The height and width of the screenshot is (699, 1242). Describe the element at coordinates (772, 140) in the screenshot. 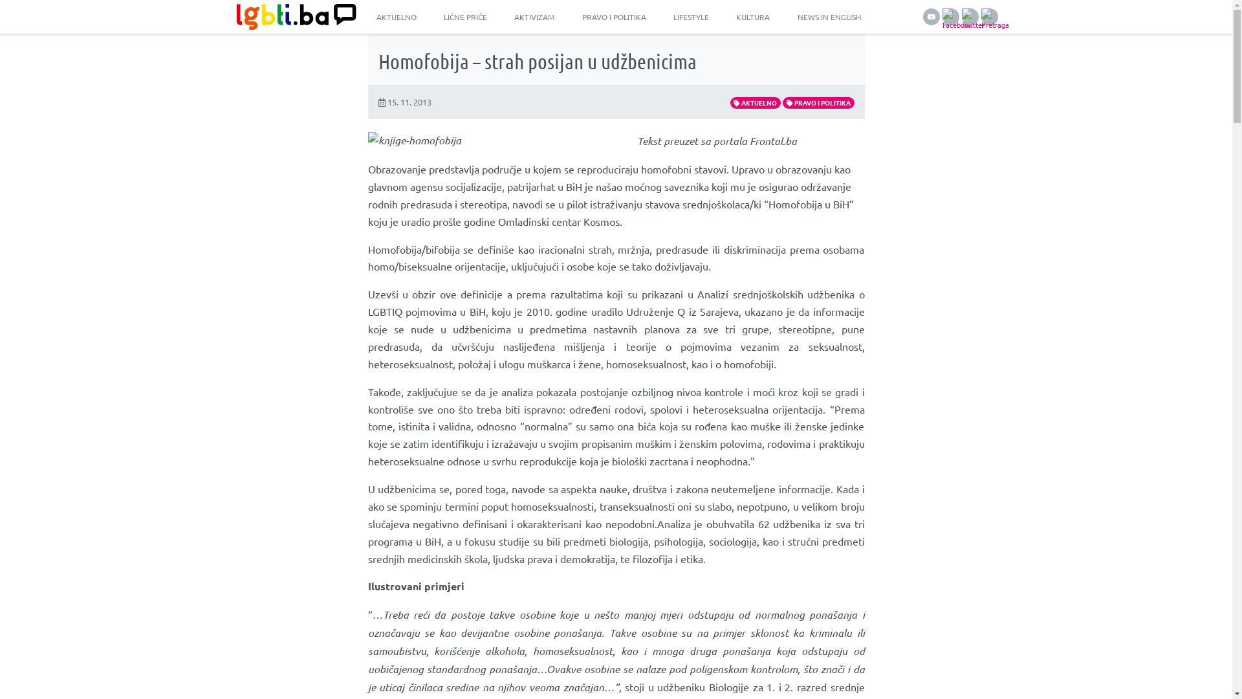

I see `'Frontal.ba'` at that location.